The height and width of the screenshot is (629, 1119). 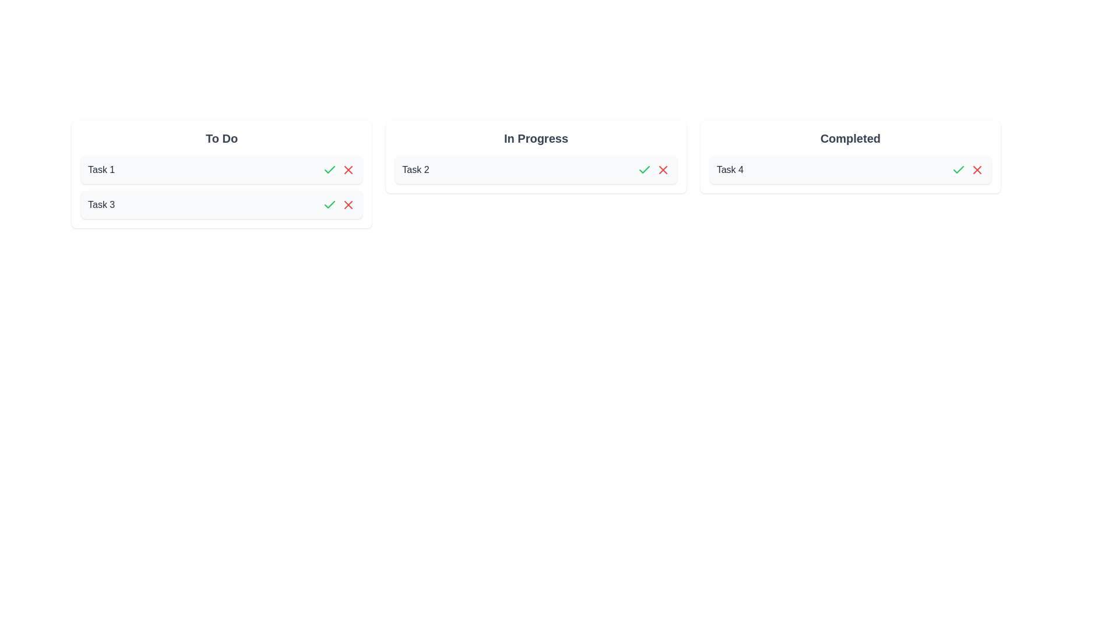 I want to click on the green checkmark button for the task named 'Task 2' to toggle its completion status, so click(x=643, y=170).